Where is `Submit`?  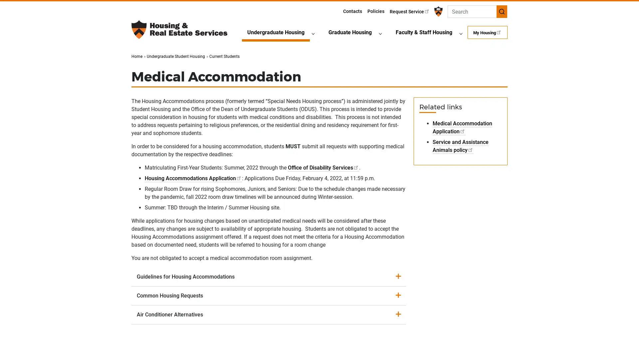 Submit is located at coordinates (502, 11).